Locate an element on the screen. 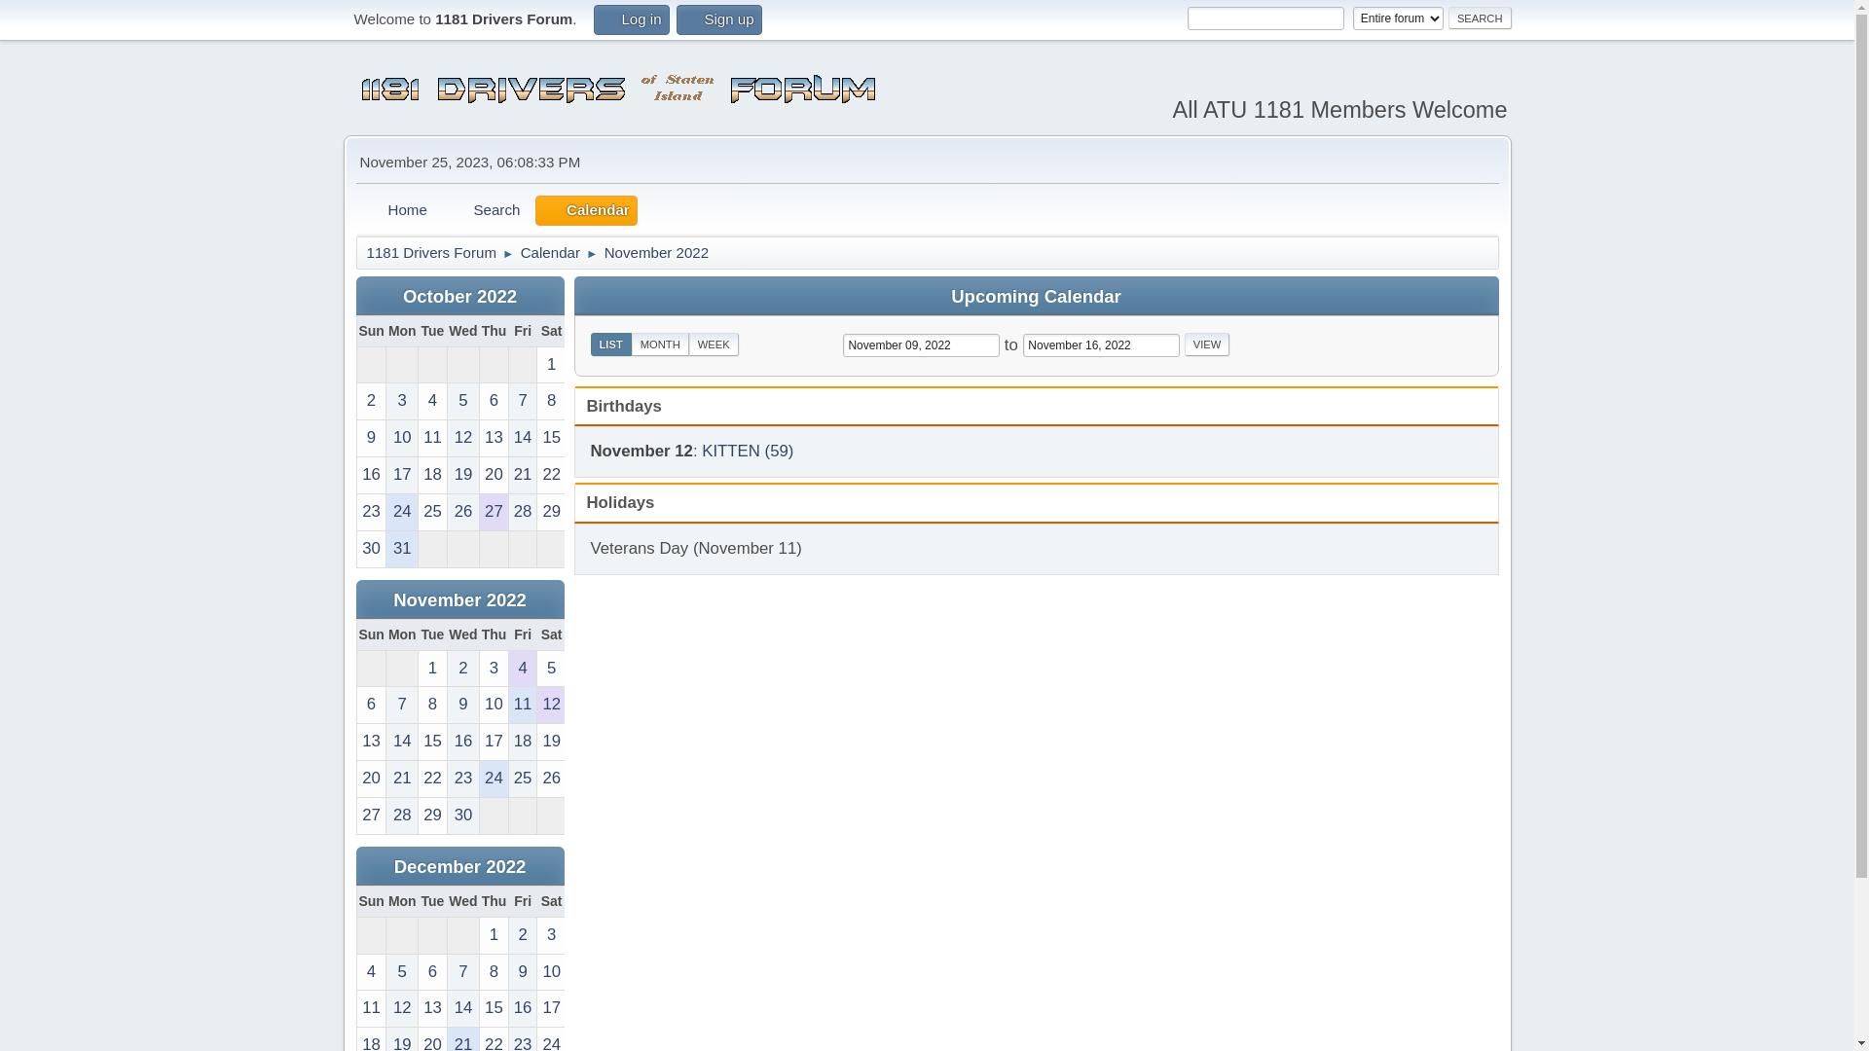 This screenshot has width=1869, height=1051. '2' is located at coordinates (355, 400).